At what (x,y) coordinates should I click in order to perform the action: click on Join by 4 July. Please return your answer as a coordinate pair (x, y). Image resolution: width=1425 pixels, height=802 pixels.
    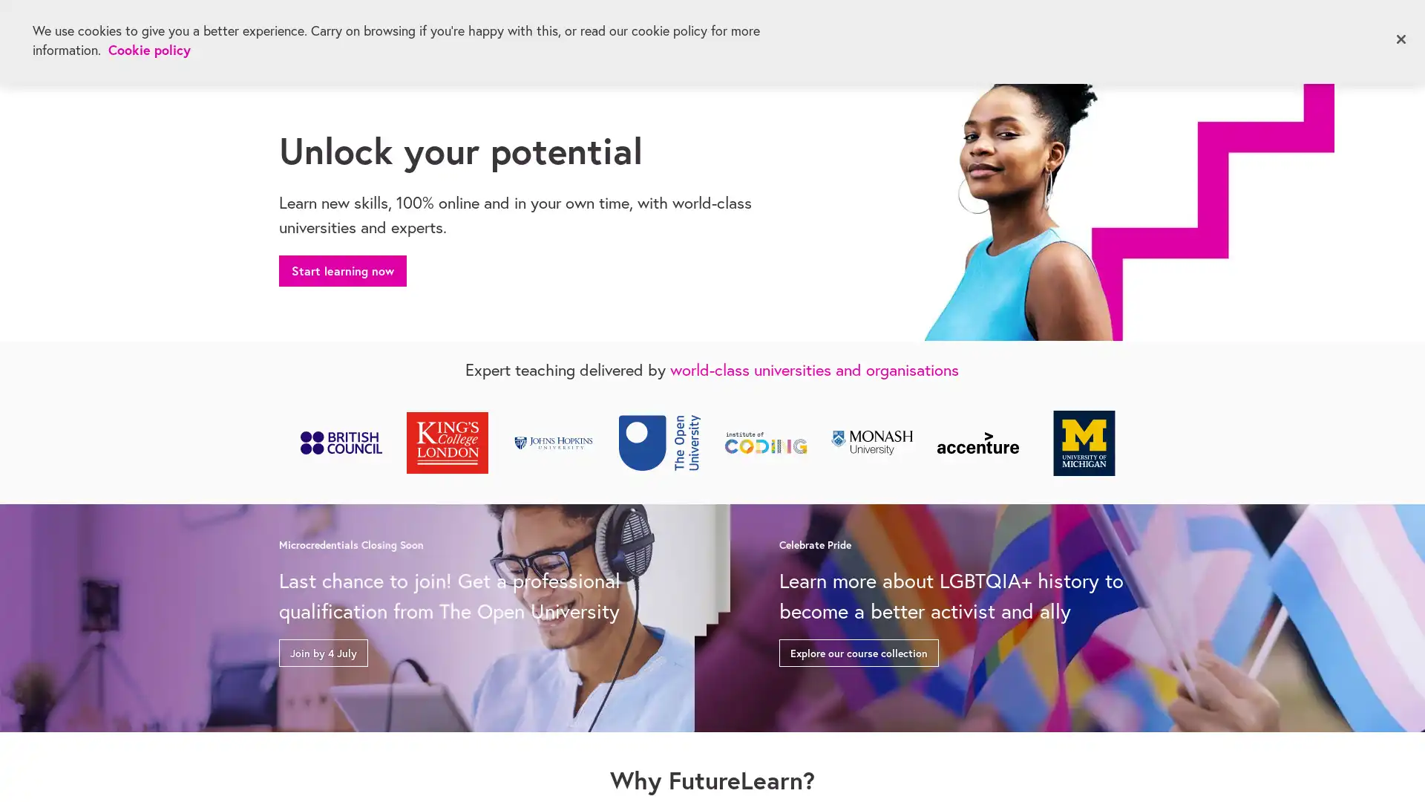
    Looking at the image, I should click on (323, 649).